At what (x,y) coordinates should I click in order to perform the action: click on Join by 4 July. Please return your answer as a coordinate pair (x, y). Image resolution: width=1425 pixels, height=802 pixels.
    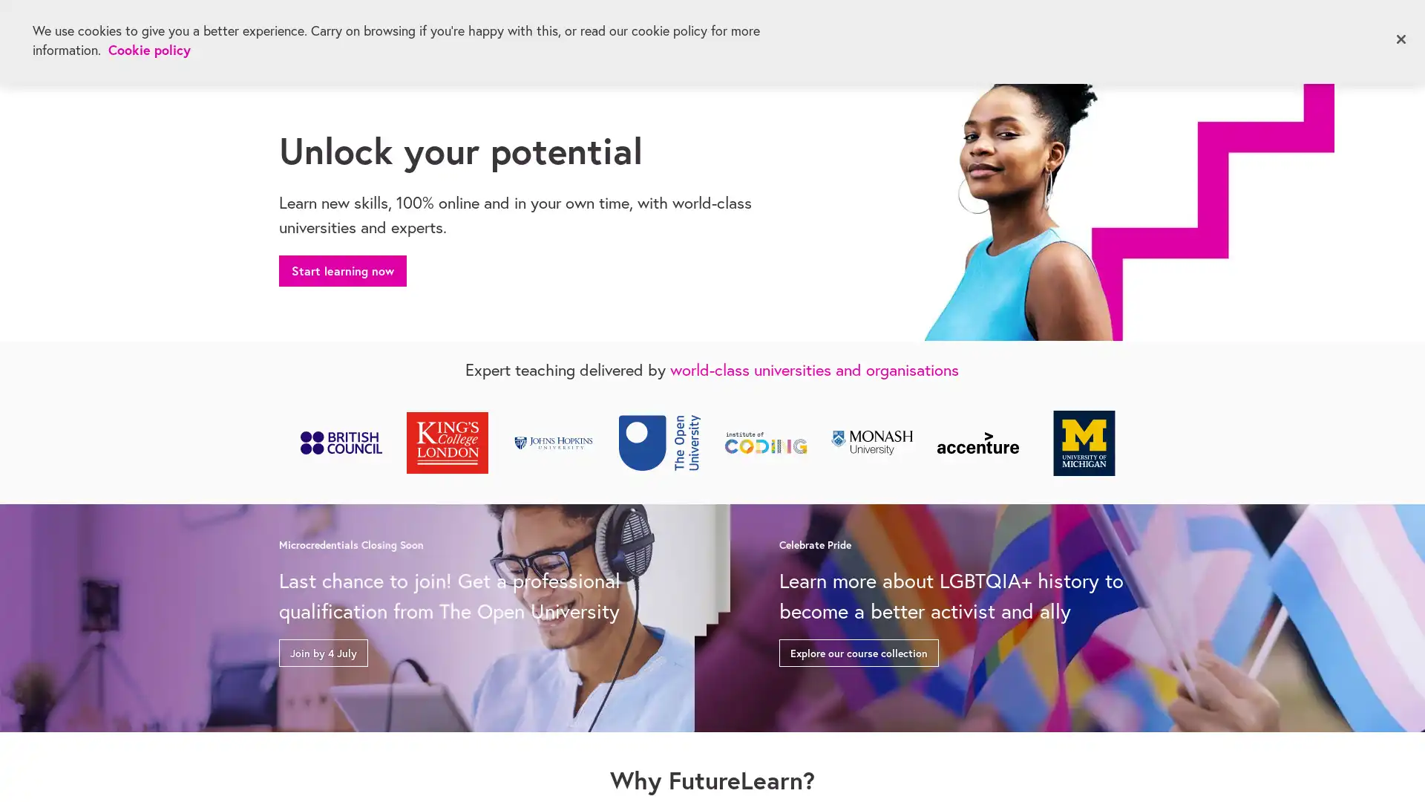
    Looking at the image, I should click on (323, 649).